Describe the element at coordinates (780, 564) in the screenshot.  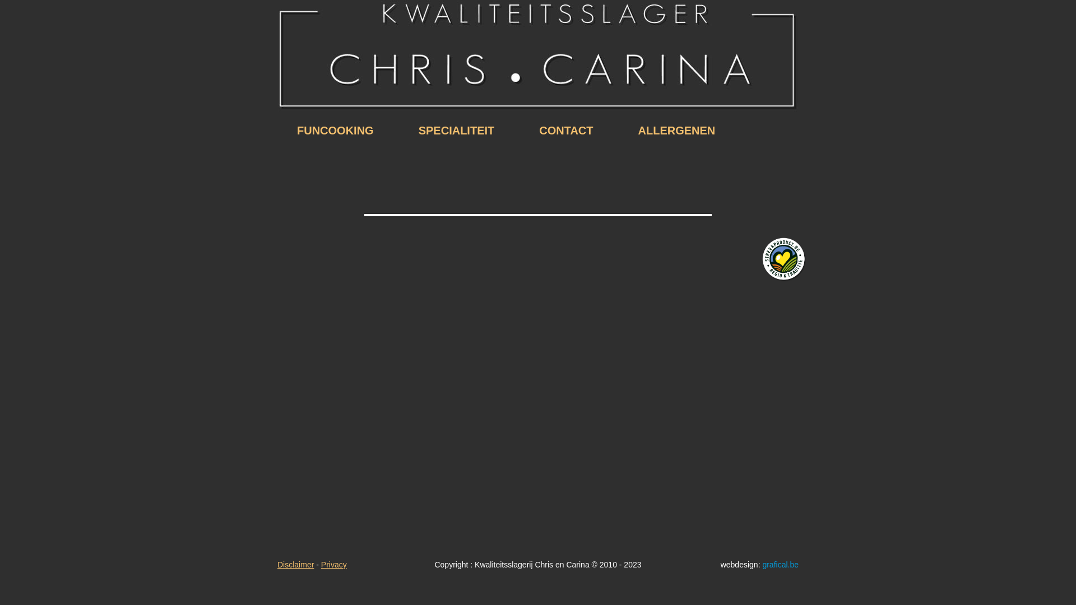
I see `'grafical.be'` at that location.